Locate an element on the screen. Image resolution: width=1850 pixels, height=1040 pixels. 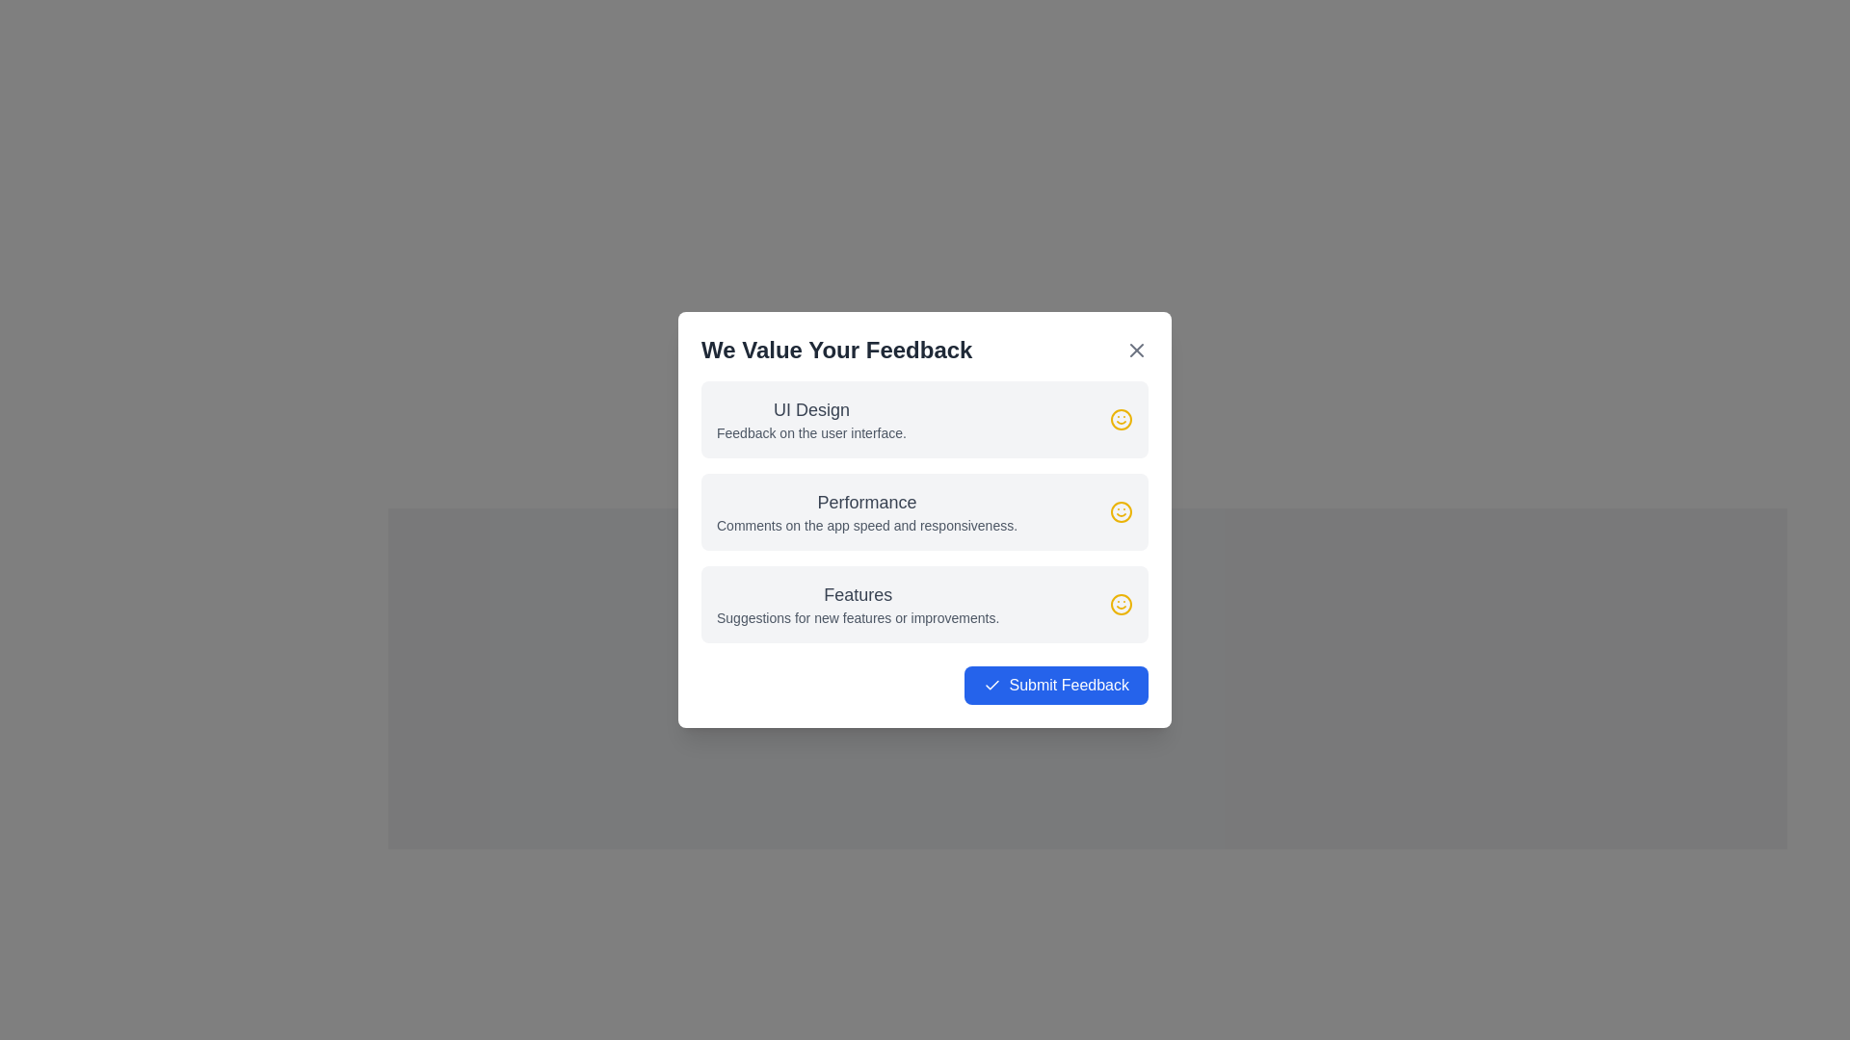
the checkmark icon within the 'Submit Feedback' button, positioned towards the left side of the button content is located at coordinates (992, 685).